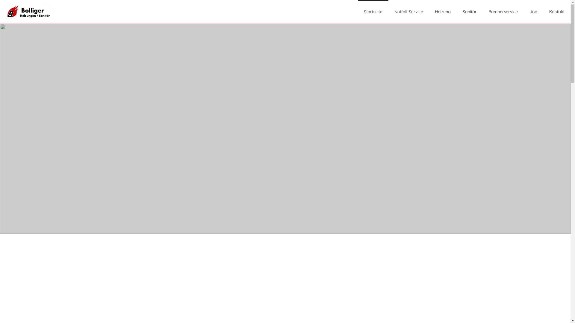 The image size is (575, 323). What do you see at coordinates (408, 12) in the screenshot?
I see `'Notfall-Service'` at bounding box center [408, 12].